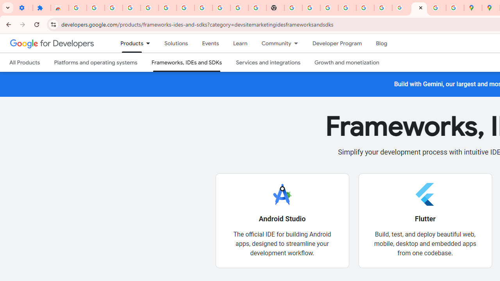  What do you see at coordinates (347, 8) in the screenshot?
I see `'Sign in - Google Accounts'` at bounding box center [347, 8].